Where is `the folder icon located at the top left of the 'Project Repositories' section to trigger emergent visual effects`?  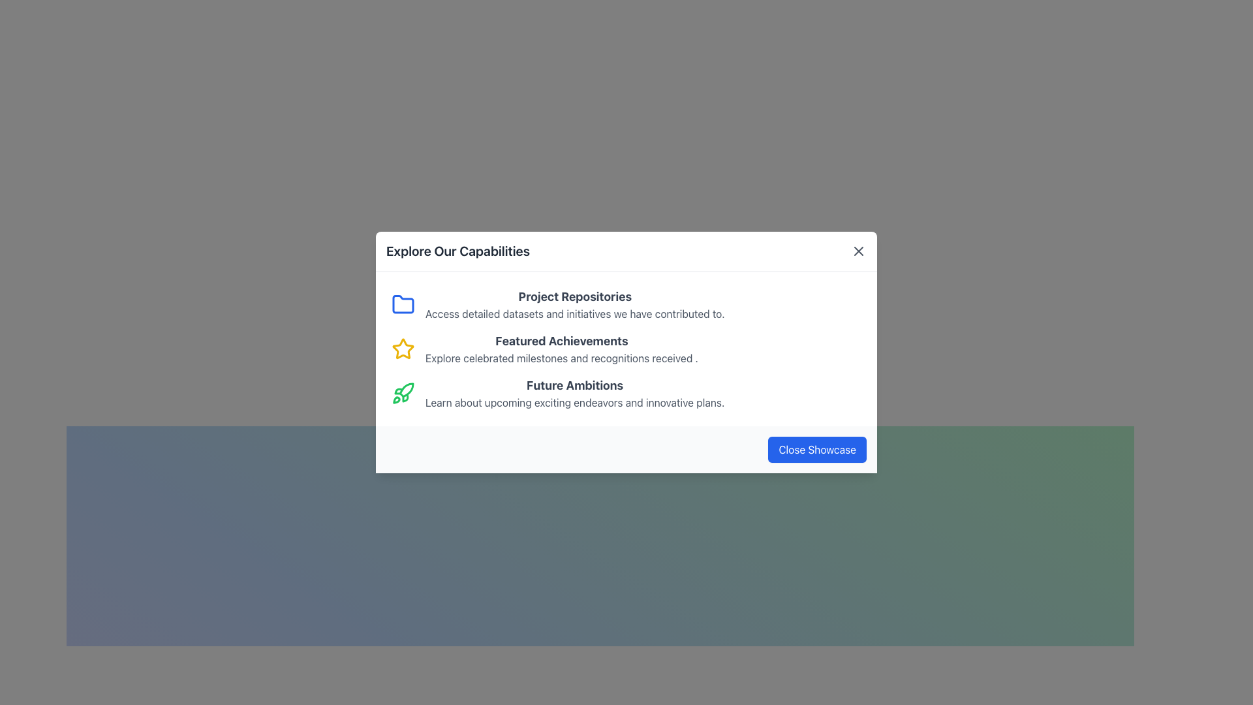 the folder icon located at the top left of the 'Project Repositories' section to trigger emergent visual effects is located at coordinates (403, 304).